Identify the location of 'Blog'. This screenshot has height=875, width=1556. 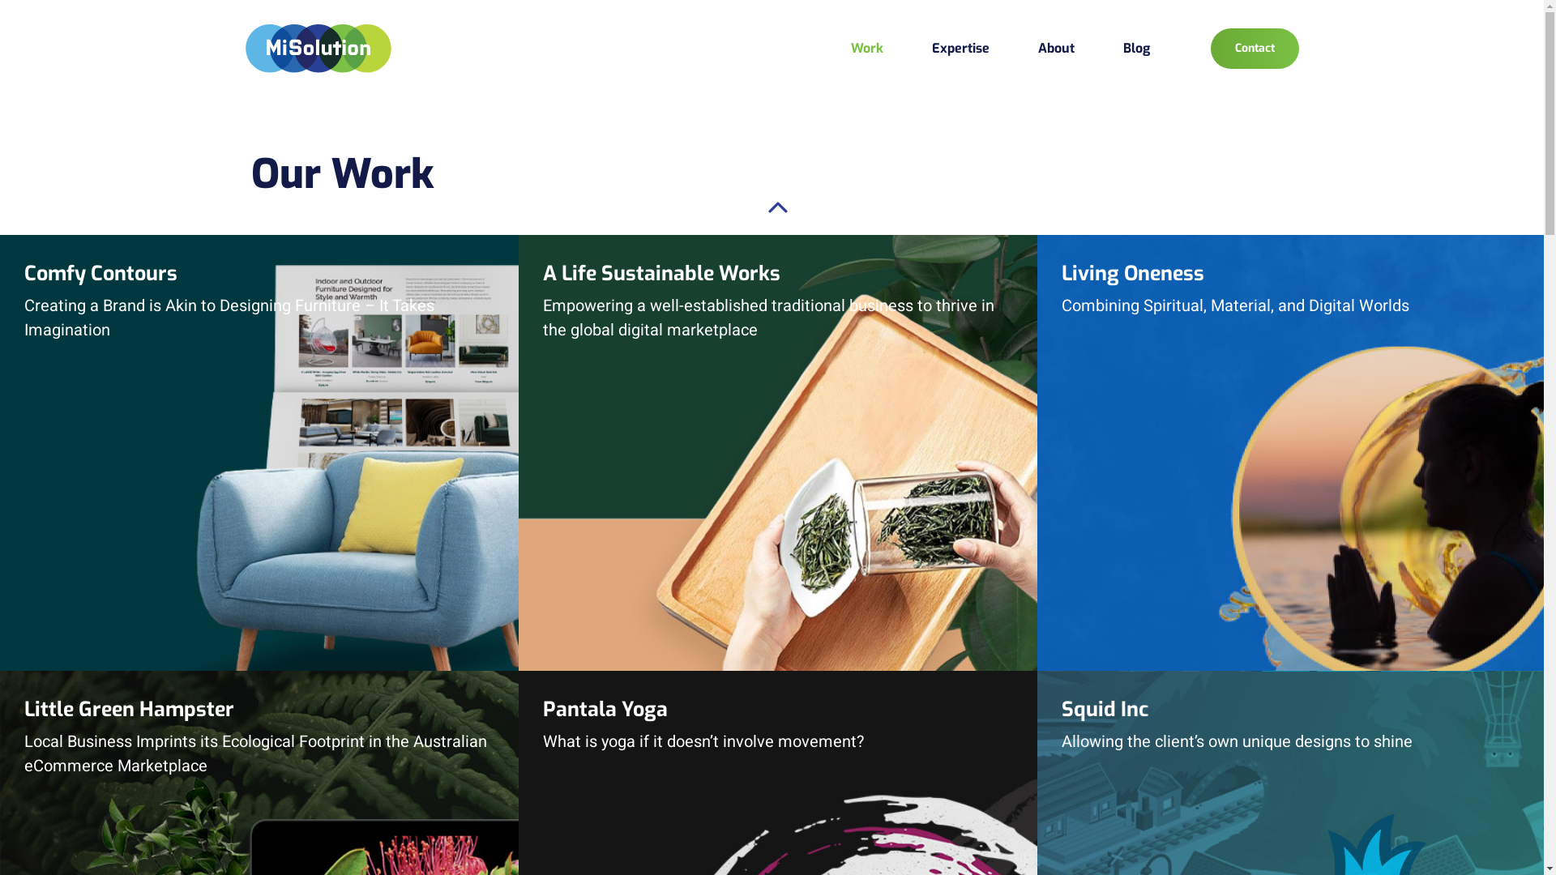
(1135, 47).